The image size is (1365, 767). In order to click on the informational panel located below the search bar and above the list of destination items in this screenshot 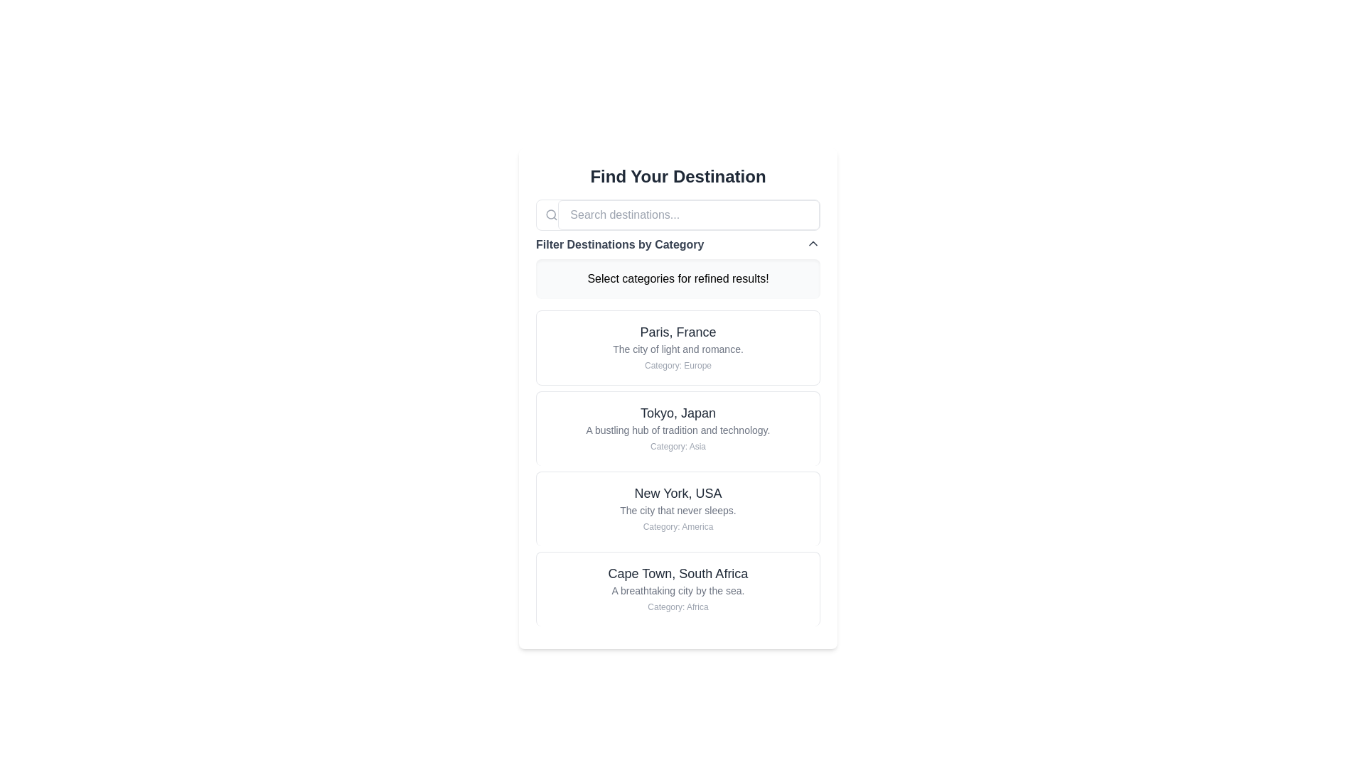, I will do `click(678, 249)`.